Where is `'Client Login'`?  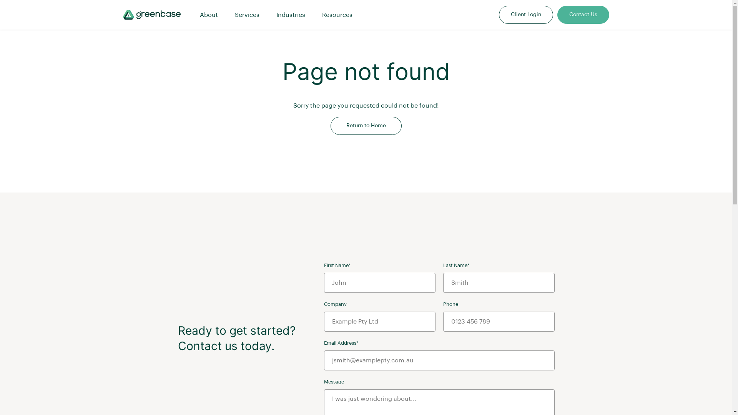 'Client Login' is located at coordinates (499, 15).